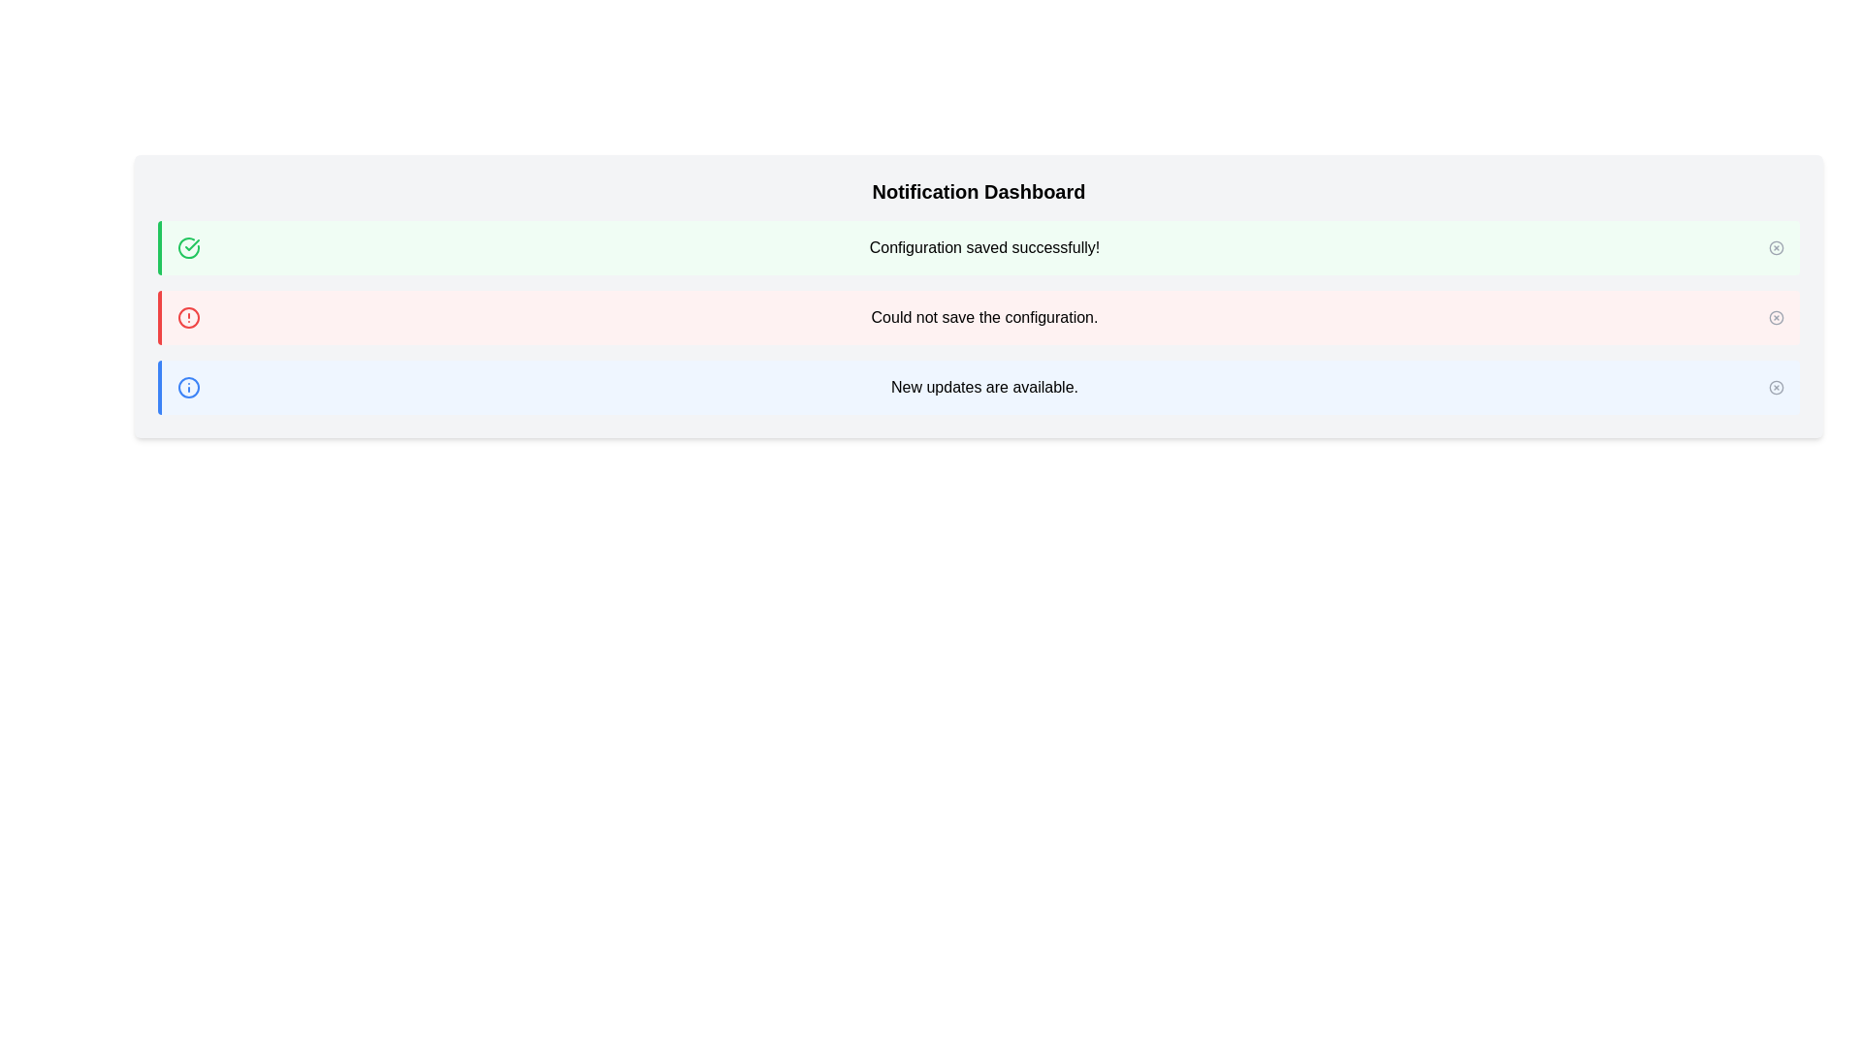 The image size is (1862, 1047). What do you see at coordinates (189, 246) in the screenshot?
I see `the decorative success icon located in the top section of the notification dashboard, aligned to the left of the green success message` at bounding box center [189, 246].